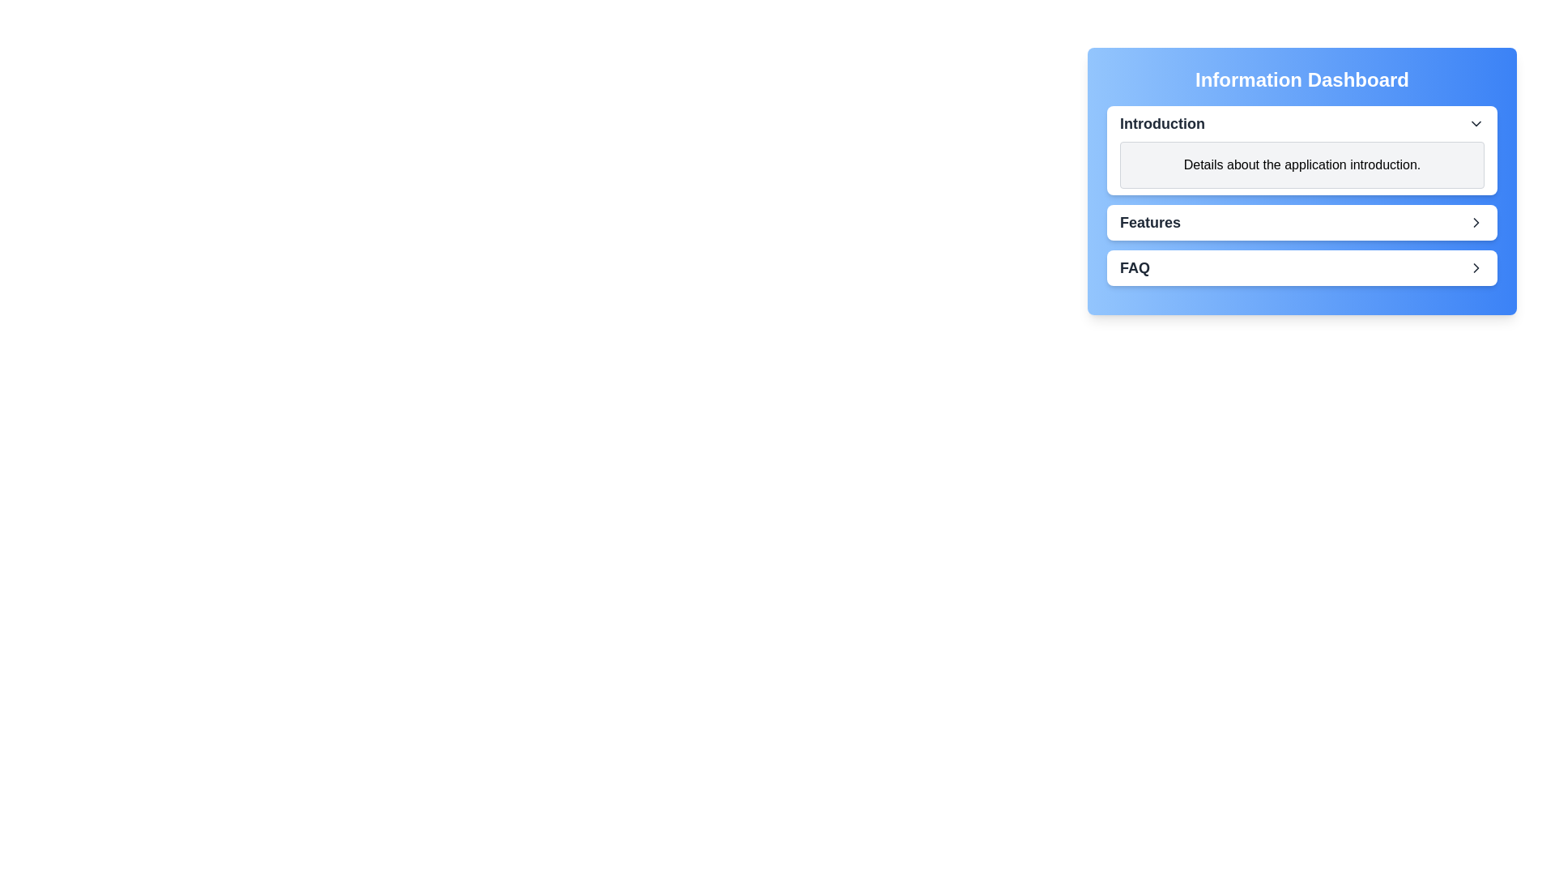 This screenshot has height=875, width=1555. I want to click on the chevron icon in the 'Features' menu, so click(1476, 222).